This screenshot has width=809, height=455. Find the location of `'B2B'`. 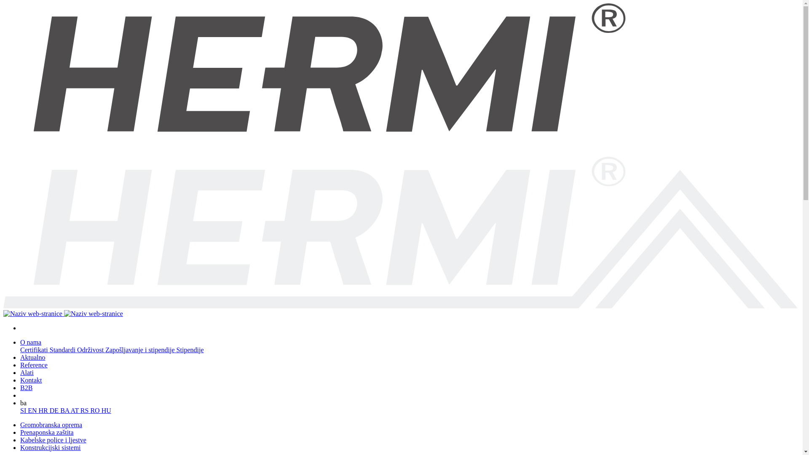

'B2B' is located at coordinates (26, 388).